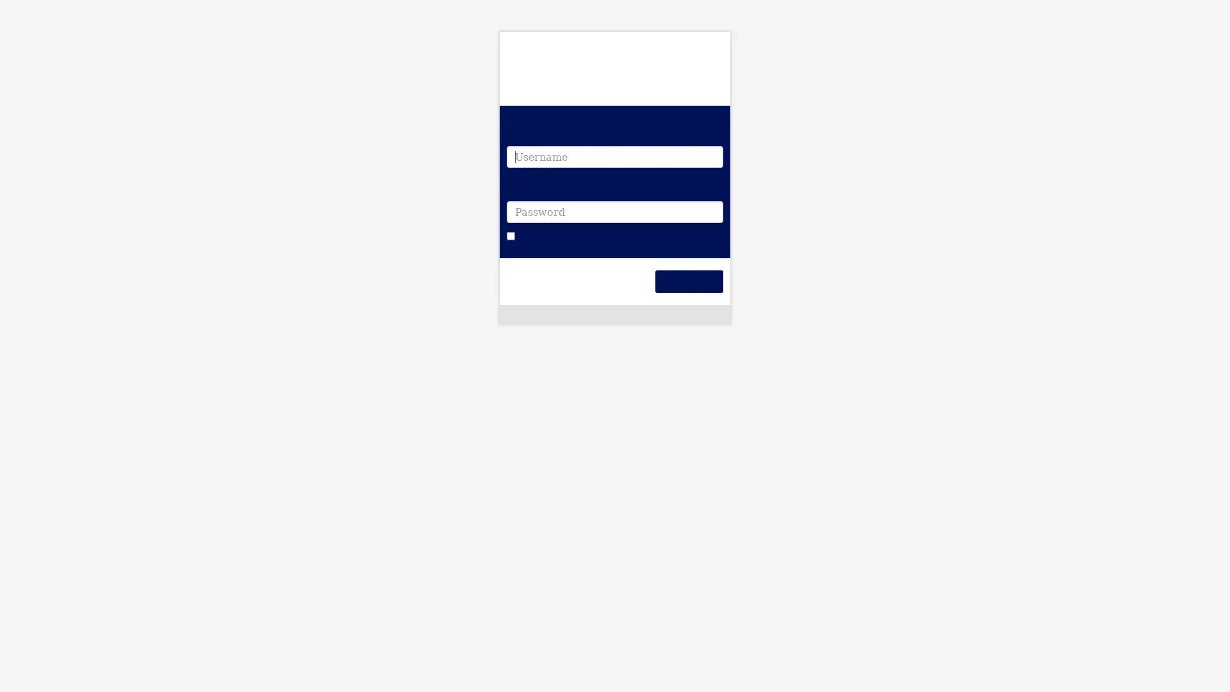 This screenshot has height=692, width=1230. What do you see at coordinates (688, 281) in the screenshot?
I see `Login` at bounding box center [688, 281].